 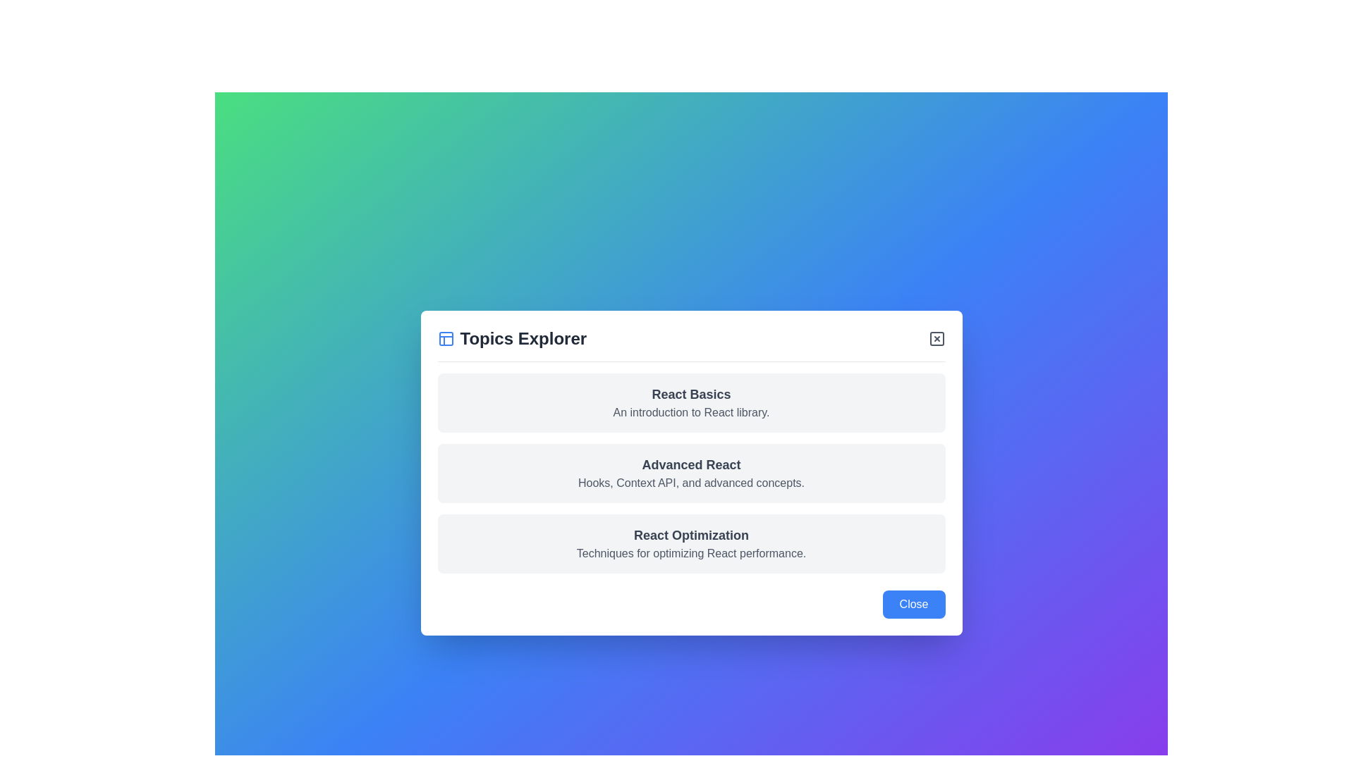 What do you see at coordinates (691, 464) in the screenshot?
I see `the title text element representing the 'Advanced React' topic, which is the top line of text in a centrally positioned card` at bounding box center [691, 464].